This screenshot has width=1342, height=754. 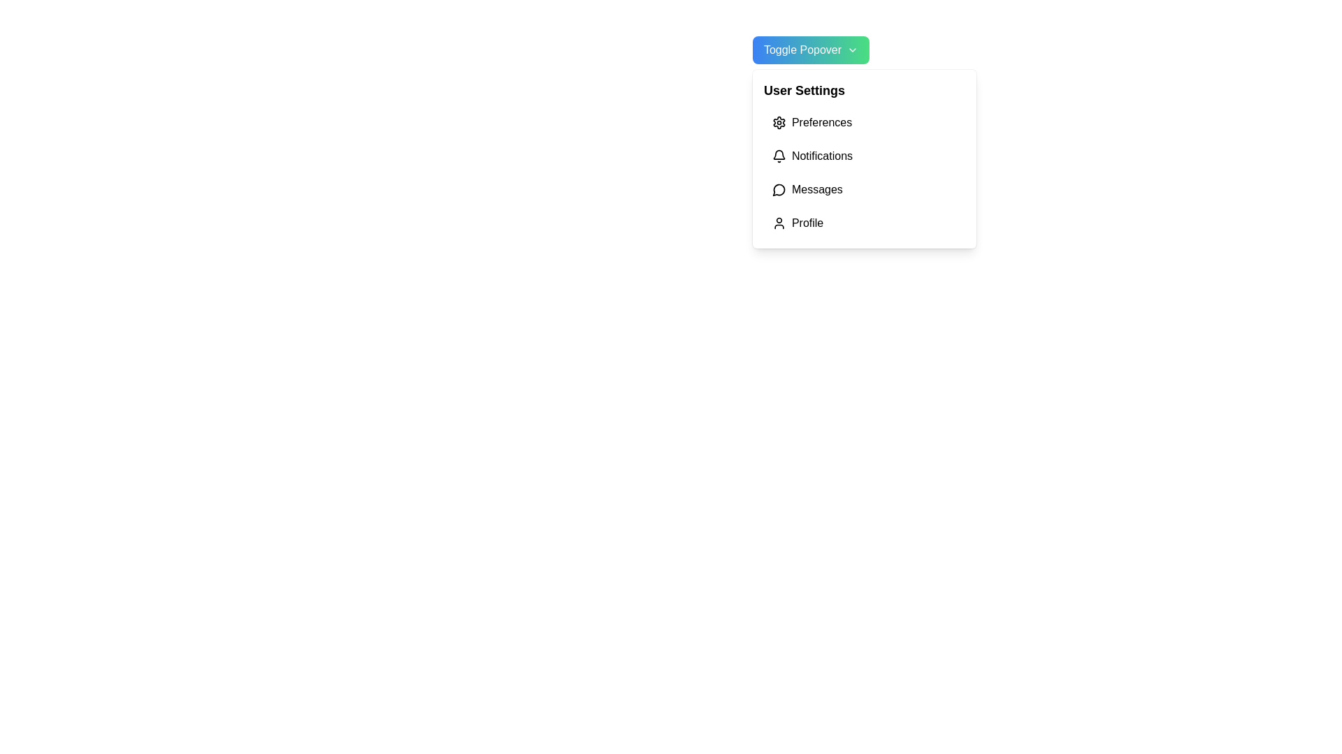 What do you see at coordinates (863, 223) in the screenshot?
I see `the fourth button in the vertical menu under 'User Settings'` at bounding box center [863, 223].